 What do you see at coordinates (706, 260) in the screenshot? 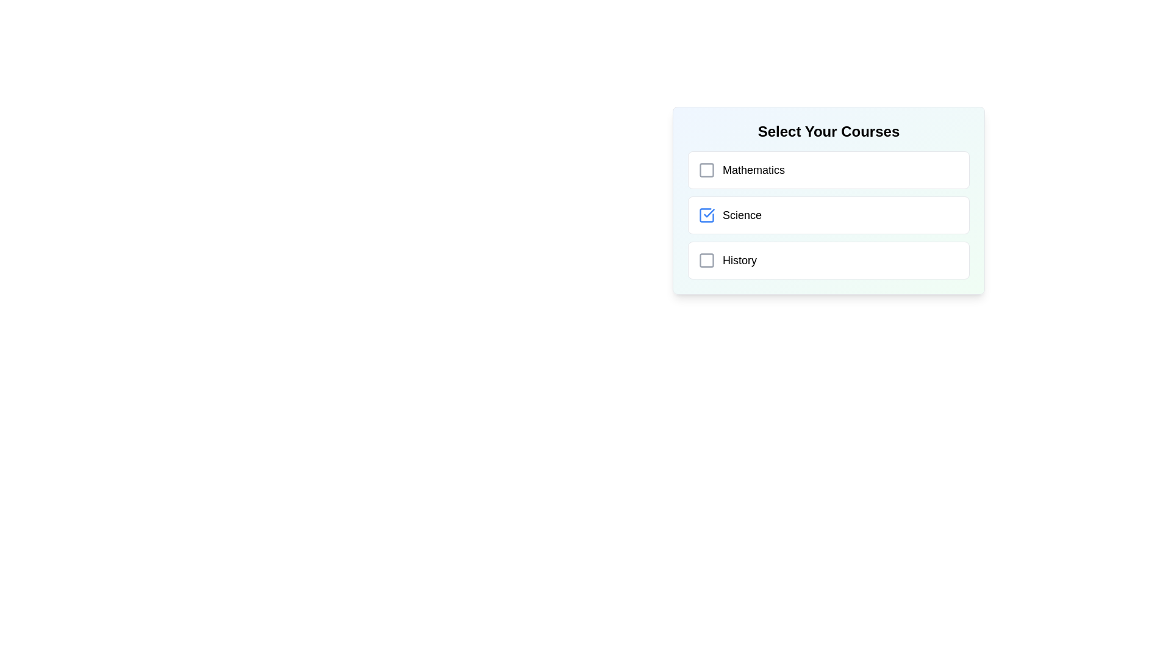
I see `the Checkbox icon for the 'History' option` at bounding box center [706, 260].